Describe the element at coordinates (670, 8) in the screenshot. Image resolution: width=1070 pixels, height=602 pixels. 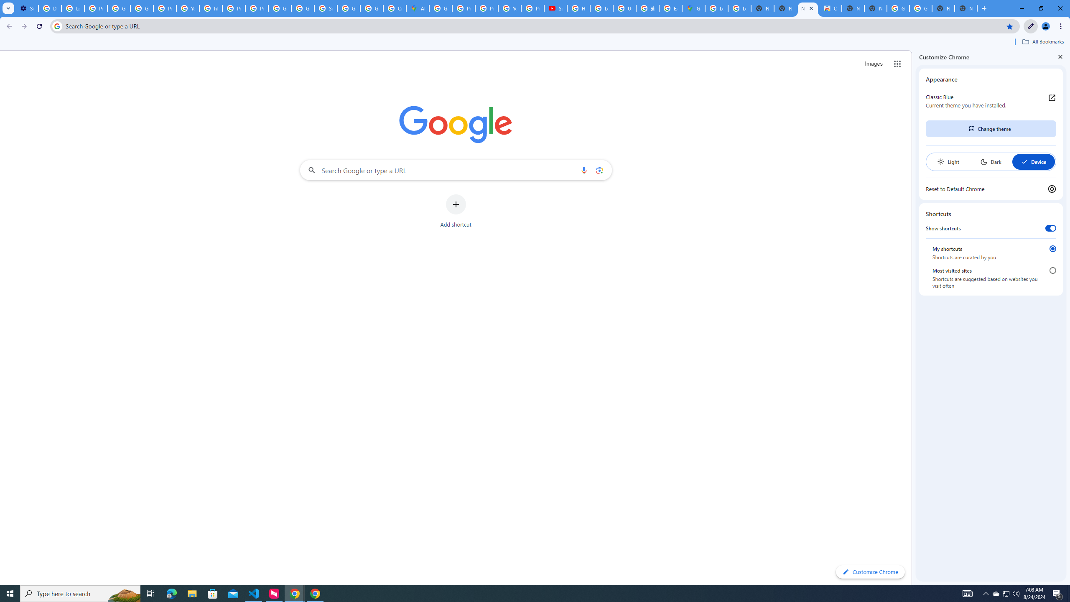
I see `'Explore new street-level details - Google Maps Help'` at that location.